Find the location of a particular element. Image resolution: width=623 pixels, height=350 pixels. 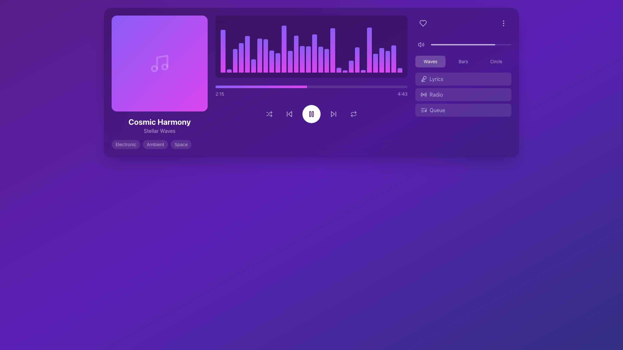

the third and rightmost label that categorizes content, positioned below 'Cosmic Harmony' and 'Stellar Waves' is located at coordinates (181, 144).